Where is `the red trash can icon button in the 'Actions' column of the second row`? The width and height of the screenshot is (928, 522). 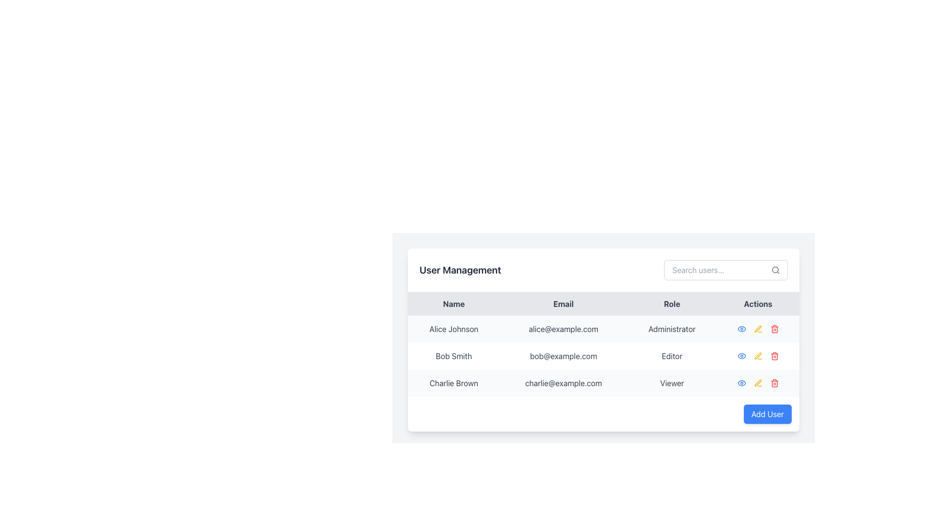
the red trash can icon button in the 'Actions' column of the second row is located at coordinates (774, 356).